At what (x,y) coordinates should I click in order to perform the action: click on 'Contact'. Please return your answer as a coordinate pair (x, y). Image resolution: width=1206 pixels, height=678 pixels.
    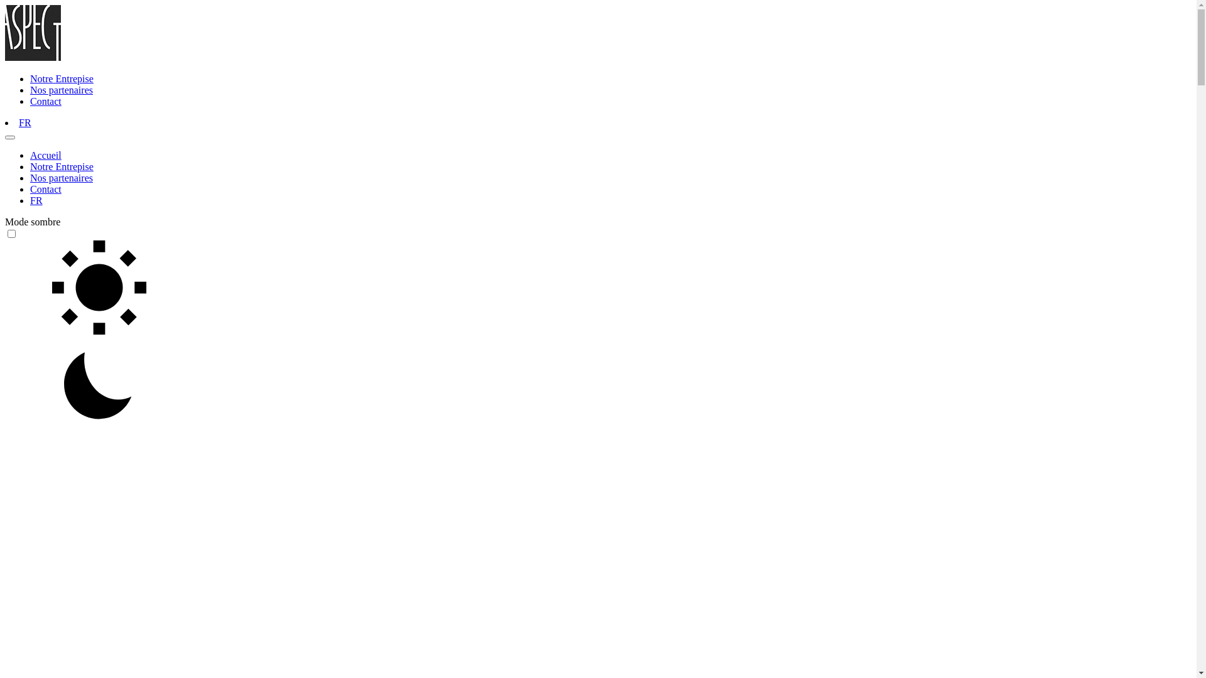
    Looking at the image, I should click on (45, 100).